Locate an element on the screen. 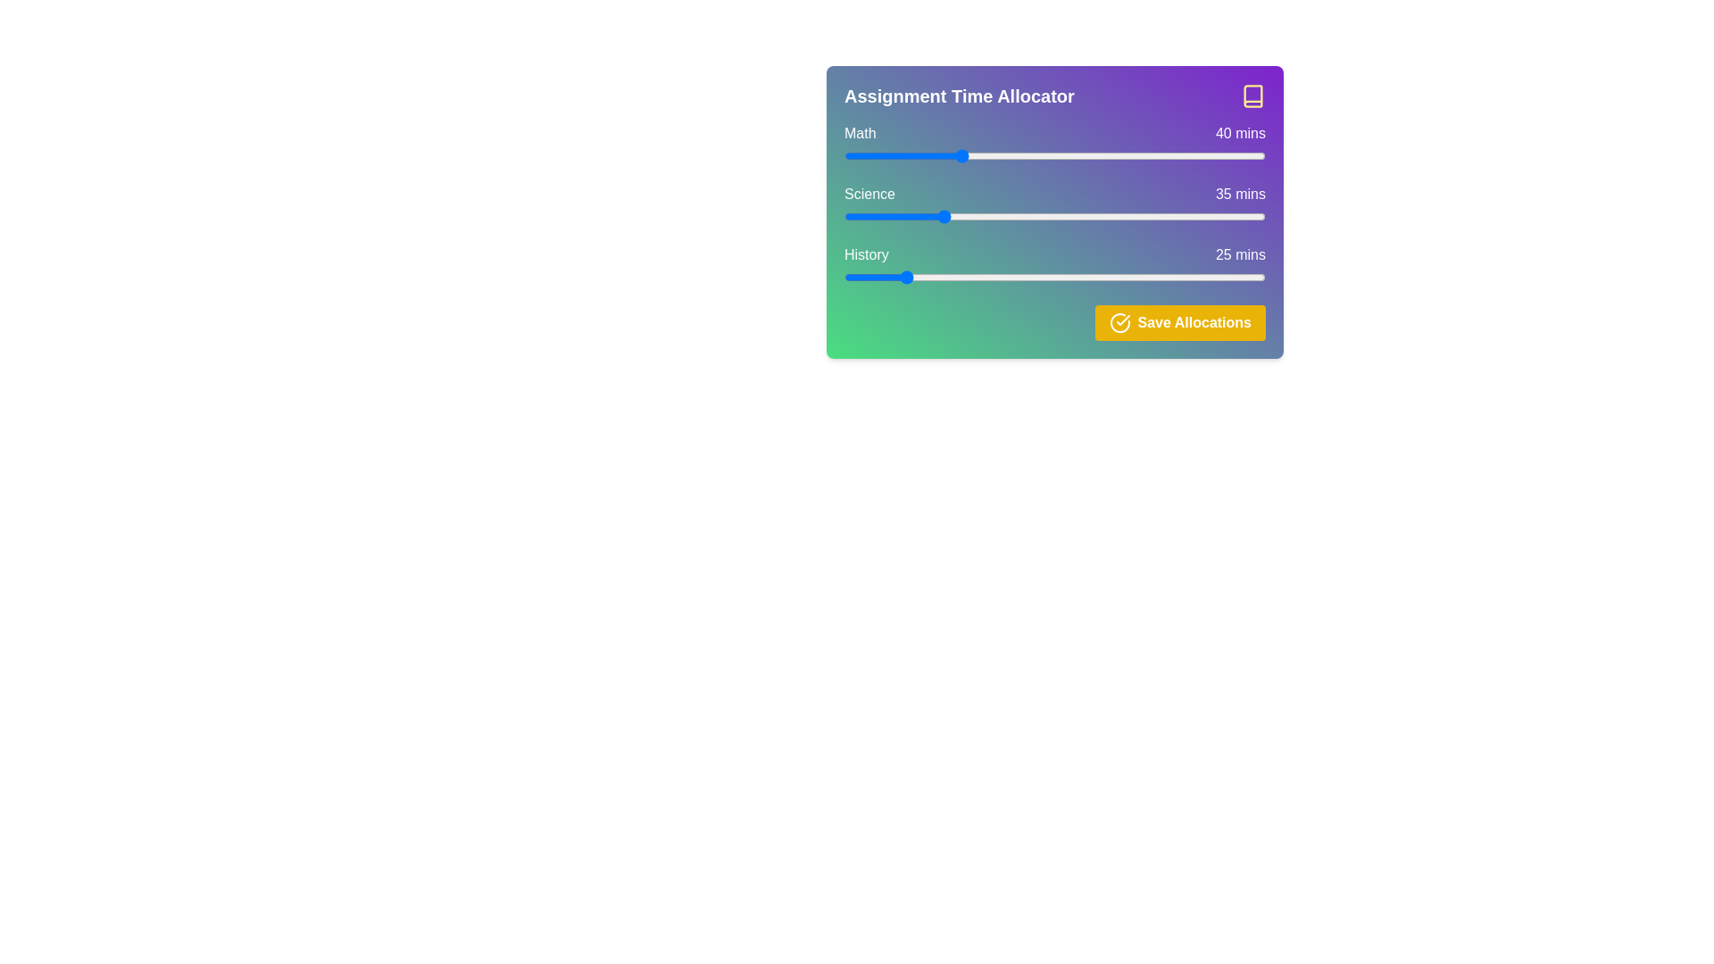 The image size is (1714, 964). history time allocation is located at coordinates (890, 278).